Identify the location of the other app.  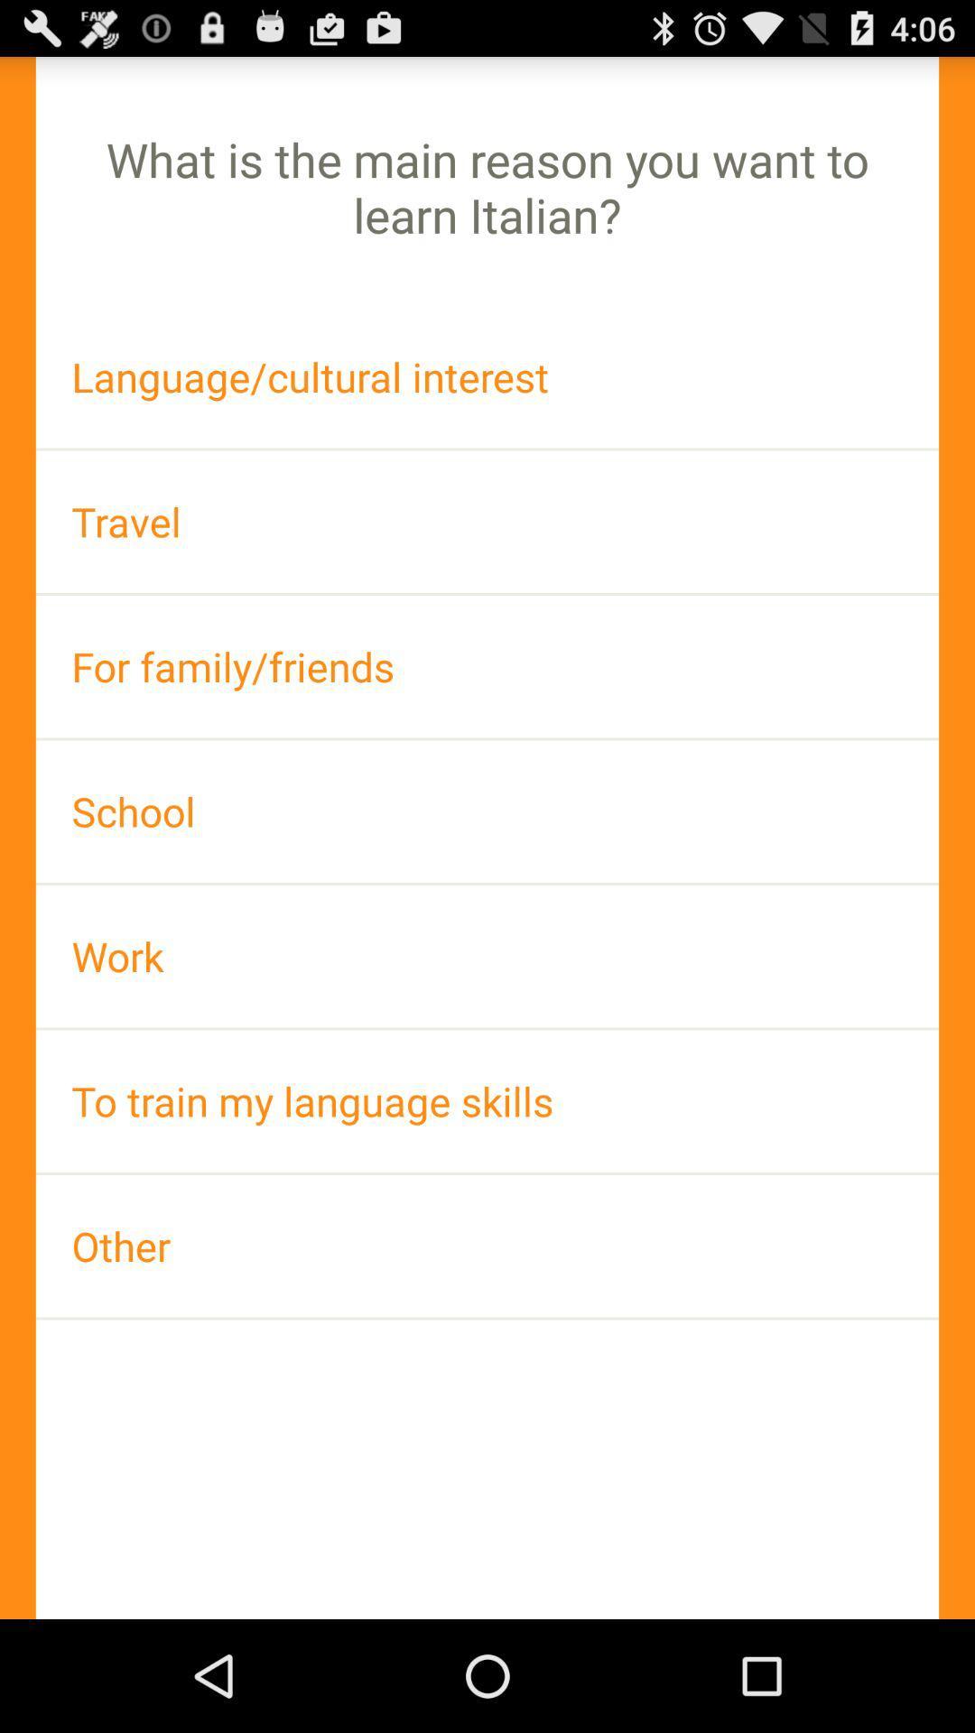
(487, 1245).